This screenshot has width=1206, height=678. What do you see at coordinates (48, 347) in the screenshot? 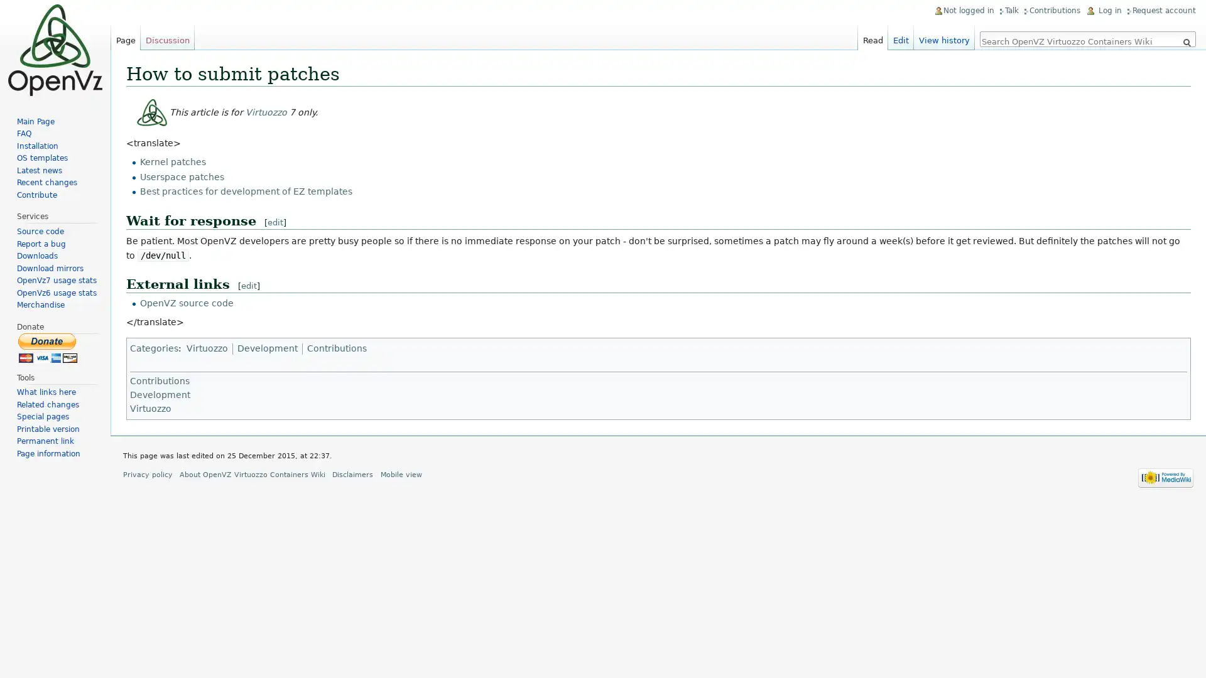
I see `PayPal - The safer, easier way to pay online!` at bounding box center [48, 347].